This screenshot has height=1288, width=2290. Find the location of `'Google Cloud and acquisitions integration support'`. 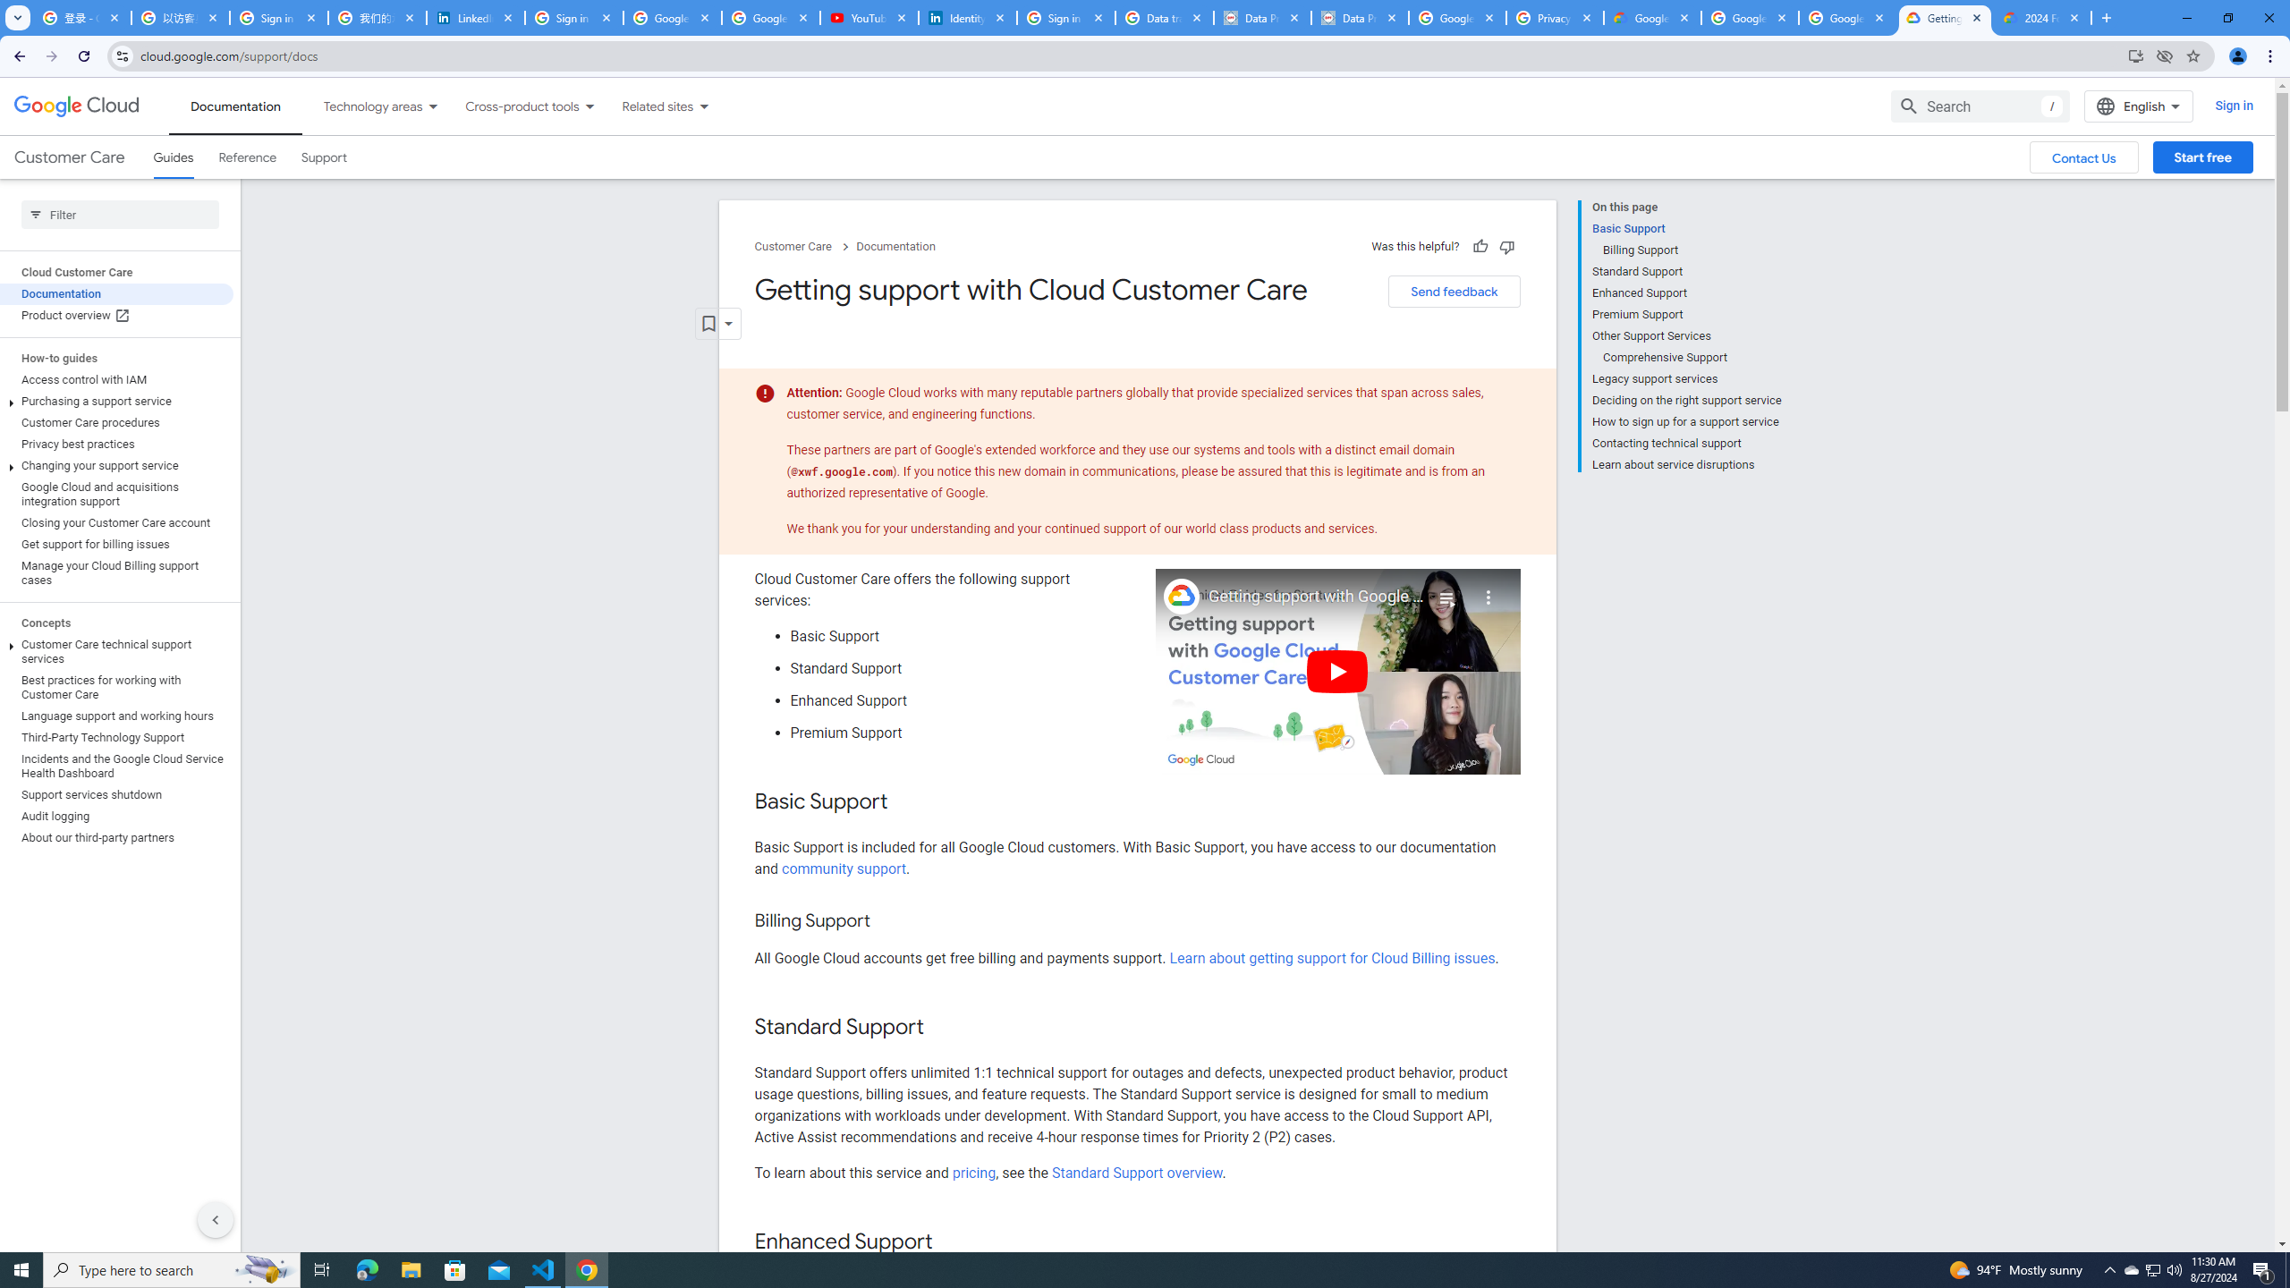

'Google Cloud and acquisitions integration support' is located at coordinates (116, 493).